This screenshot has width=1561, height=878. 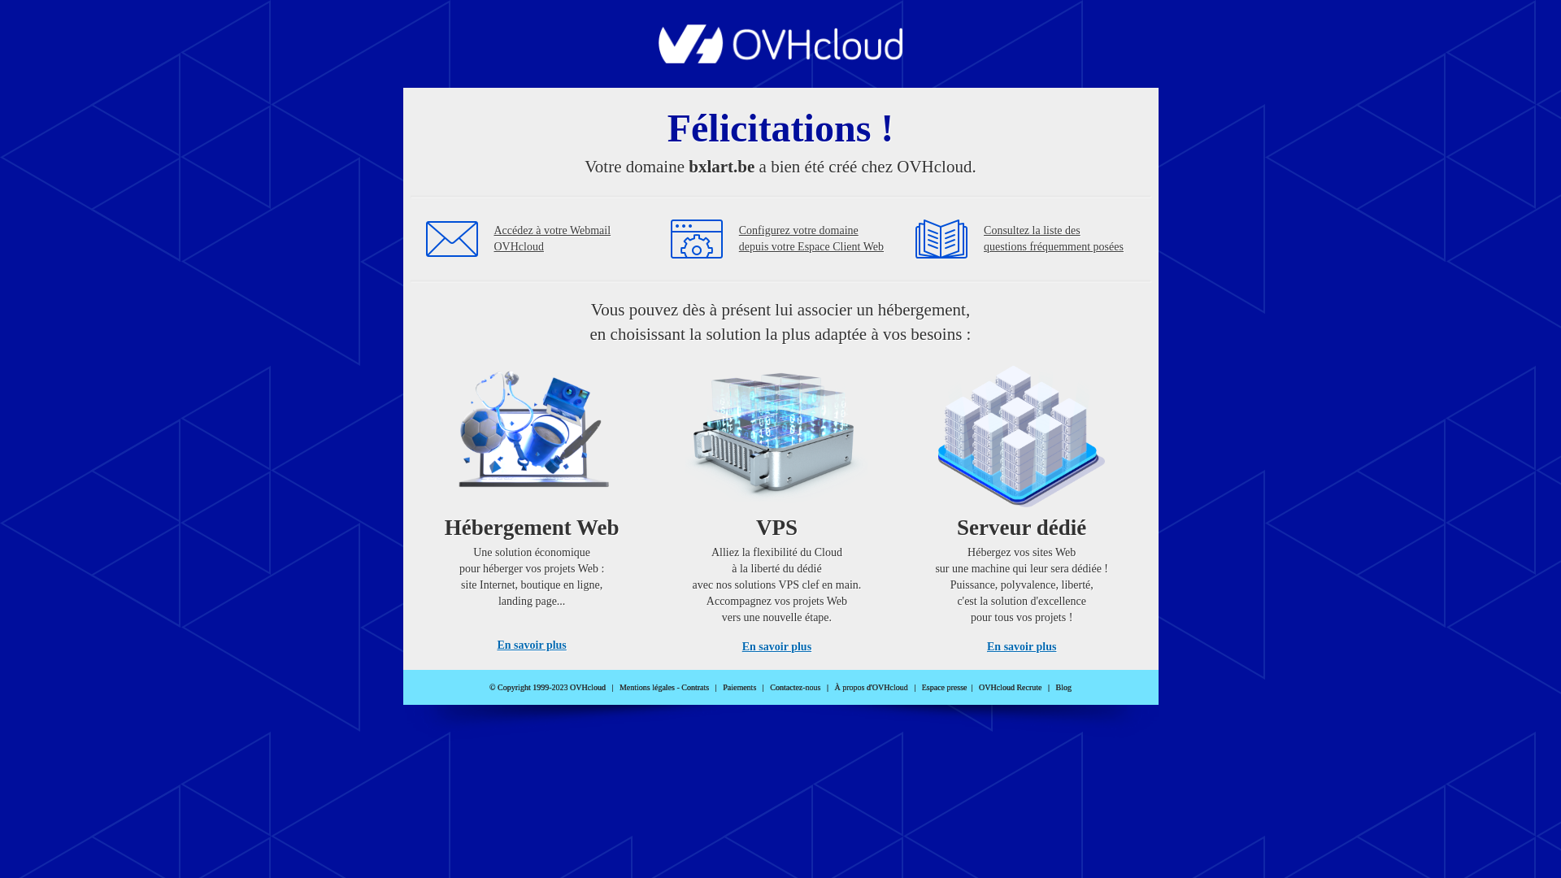 I want to click on 'Configurez votre domaine, so click(x=811, y=238).